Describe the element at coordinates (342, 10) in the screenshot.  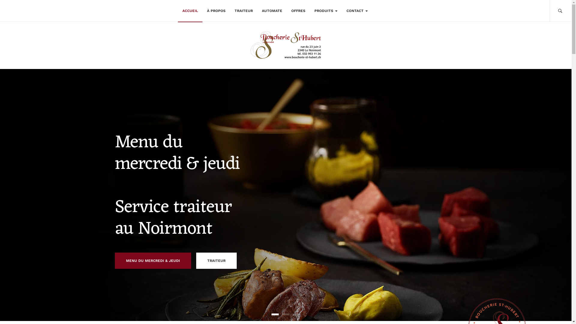
I see `'CONTACT'` at that location.